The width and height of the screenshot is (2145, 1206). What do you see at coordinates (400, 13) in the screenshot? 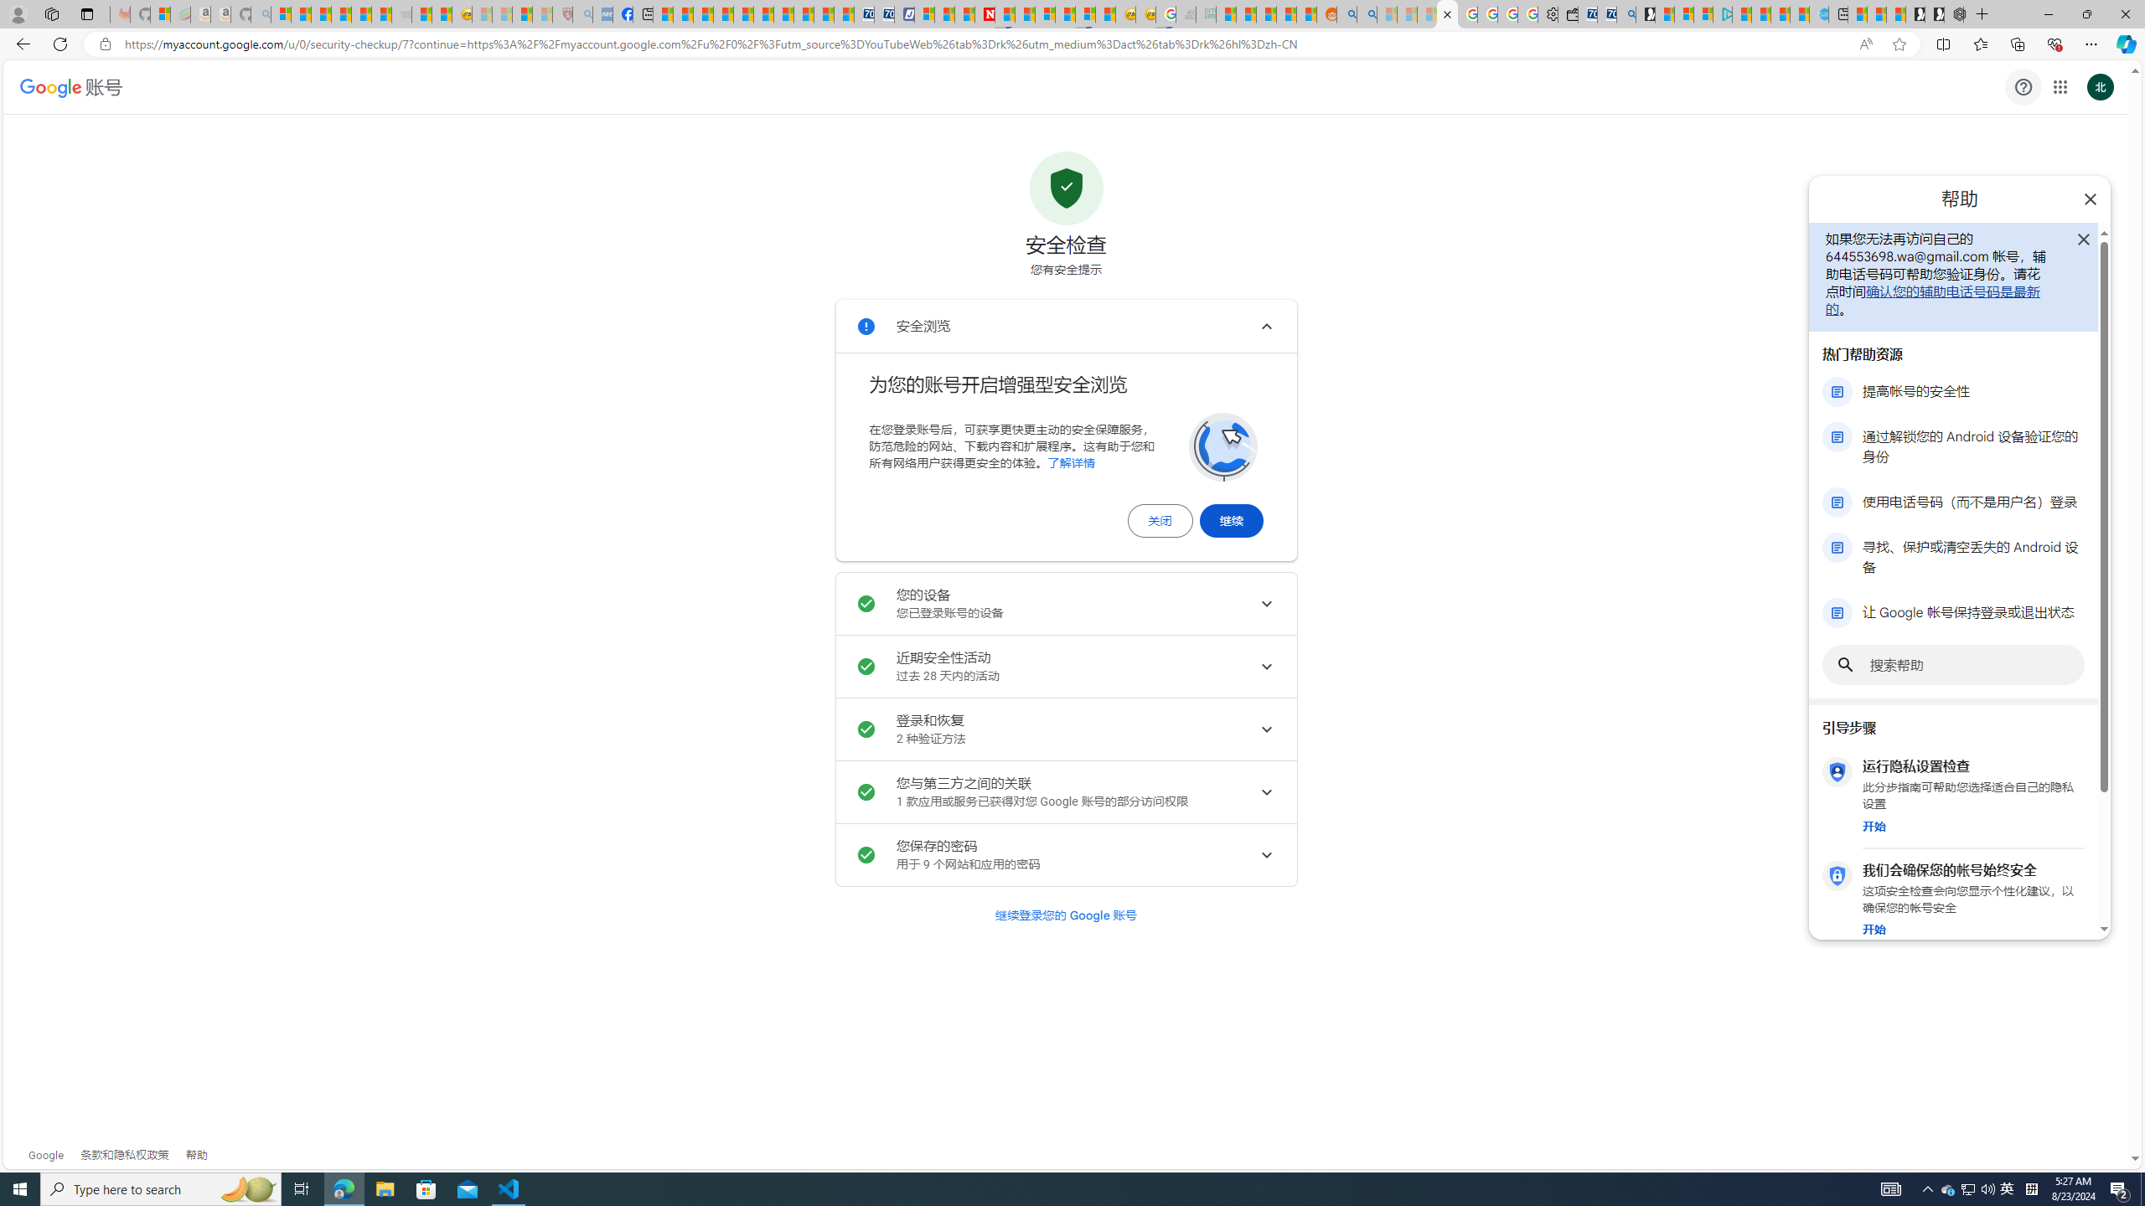
I see `'Combat Siege - Sleeping'` at bounding box center [400, 13].